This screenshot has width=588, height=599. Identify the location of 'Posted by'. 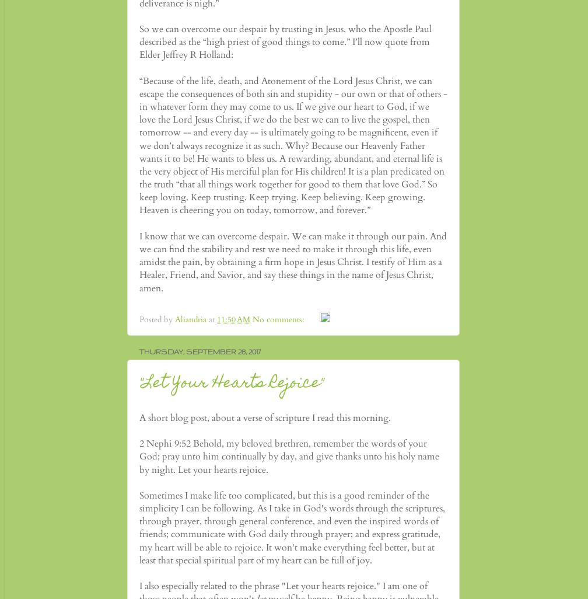
(139, 319).